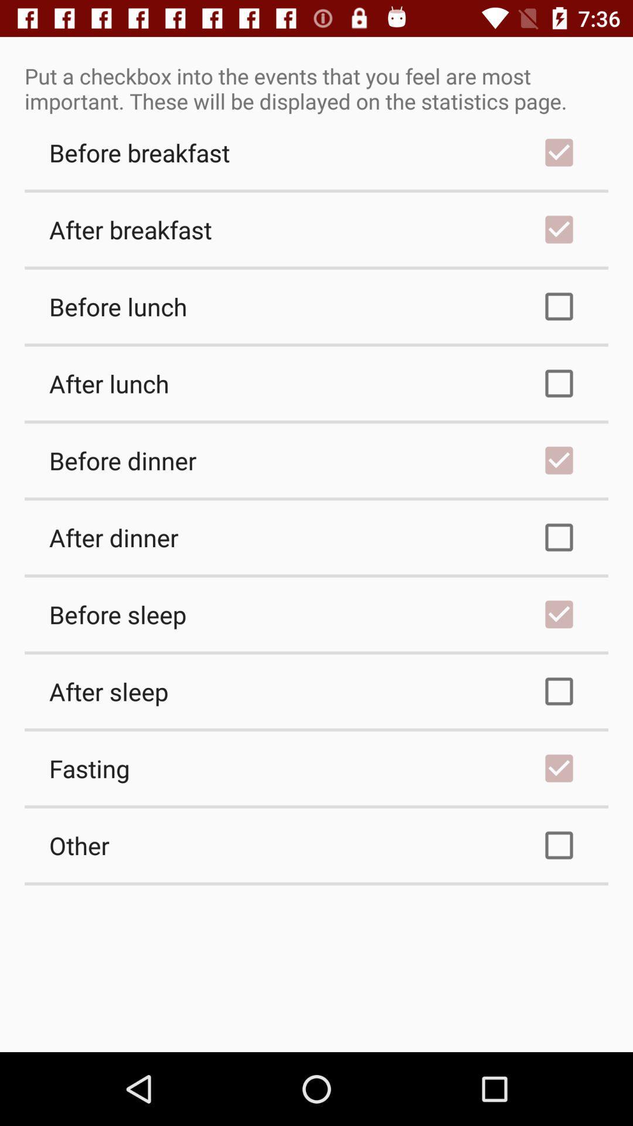 This screenshot has width=633, height=1126. I want to click on checkbox below after dinner checkbox, so click(316, 613).